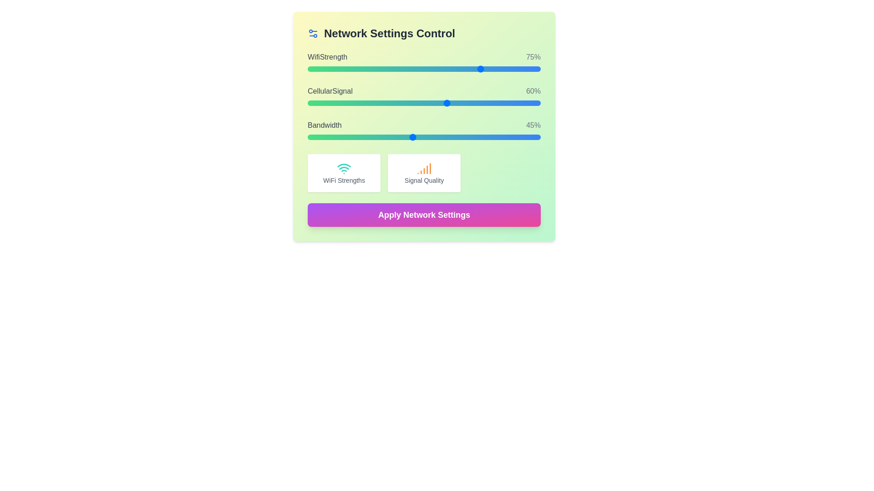  I want to click on the 'cellularSignal 60%' label, which describes the cellular signal level in the Network Settings Control panel, so click(330, 91).